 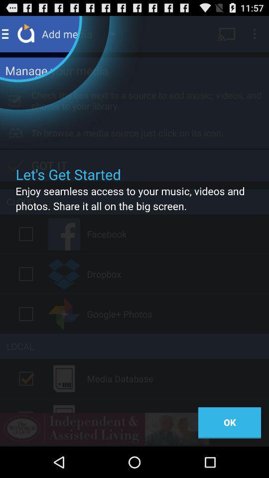 I want to click on dropbox, so click(x=26, y=274).